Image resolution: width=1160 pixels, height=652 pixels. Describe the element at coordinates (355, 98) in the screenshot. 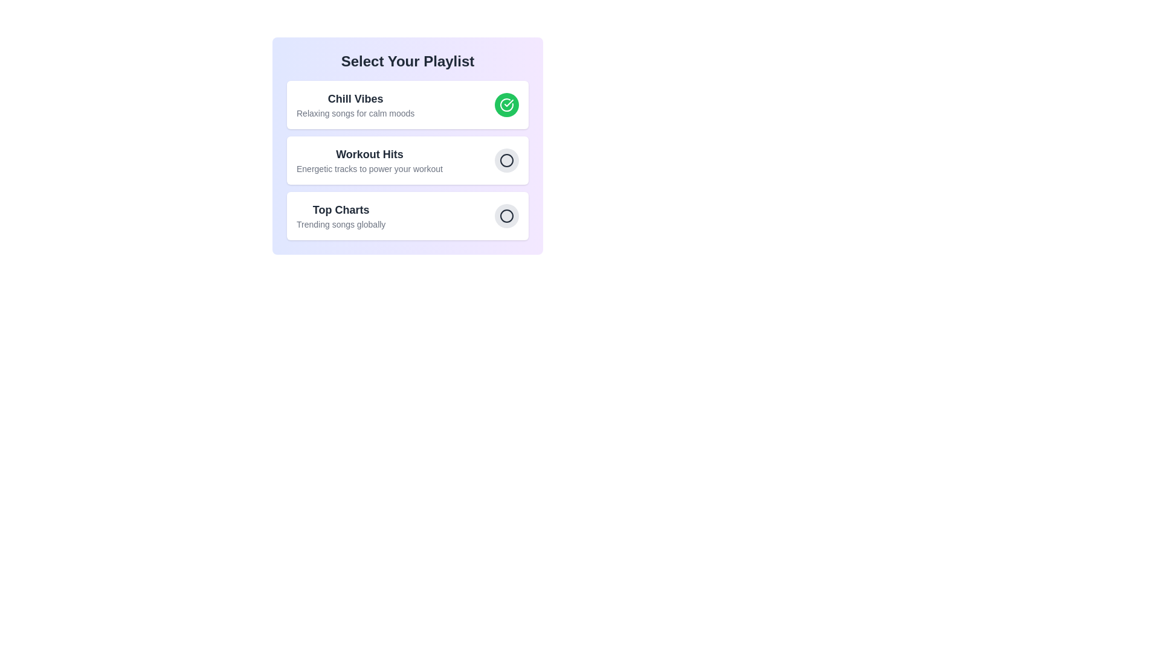

I see `the title text of the playlist Chill Vibes` at that location.